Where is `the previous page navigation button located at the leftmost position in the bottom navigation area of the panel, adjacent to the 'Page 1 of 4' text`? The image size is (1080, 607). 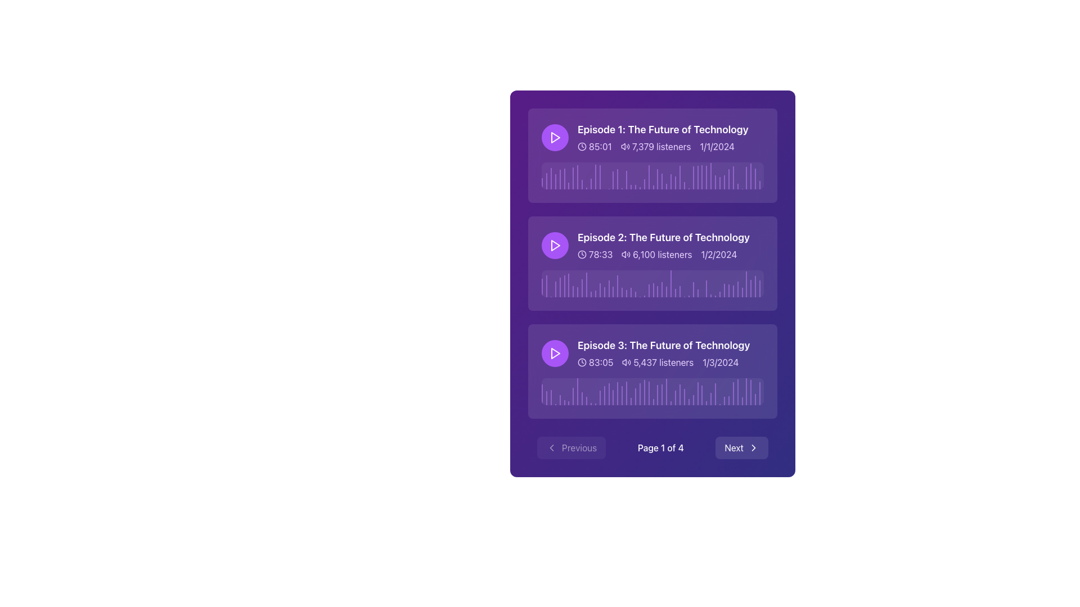 the previous page navigation button located at the leftmost position in the bottom navigation area of the panel, adjacent to the 'Page 1 of 4' text is located at coordinates (571, 447).